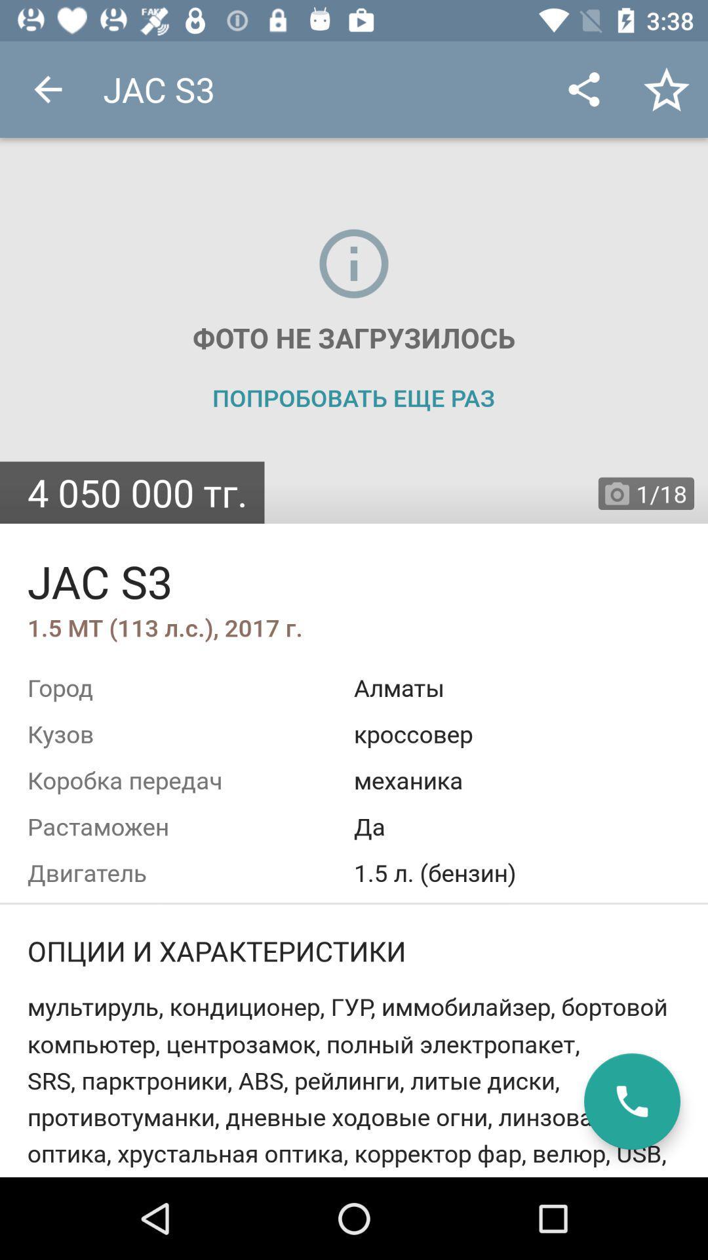 Image resolution: width=708 pixels, height=1260 pixels. Describe the element at coordinates (47, 89) in the screenshot. I see `the item to the left of jac s3 icon` at that location.